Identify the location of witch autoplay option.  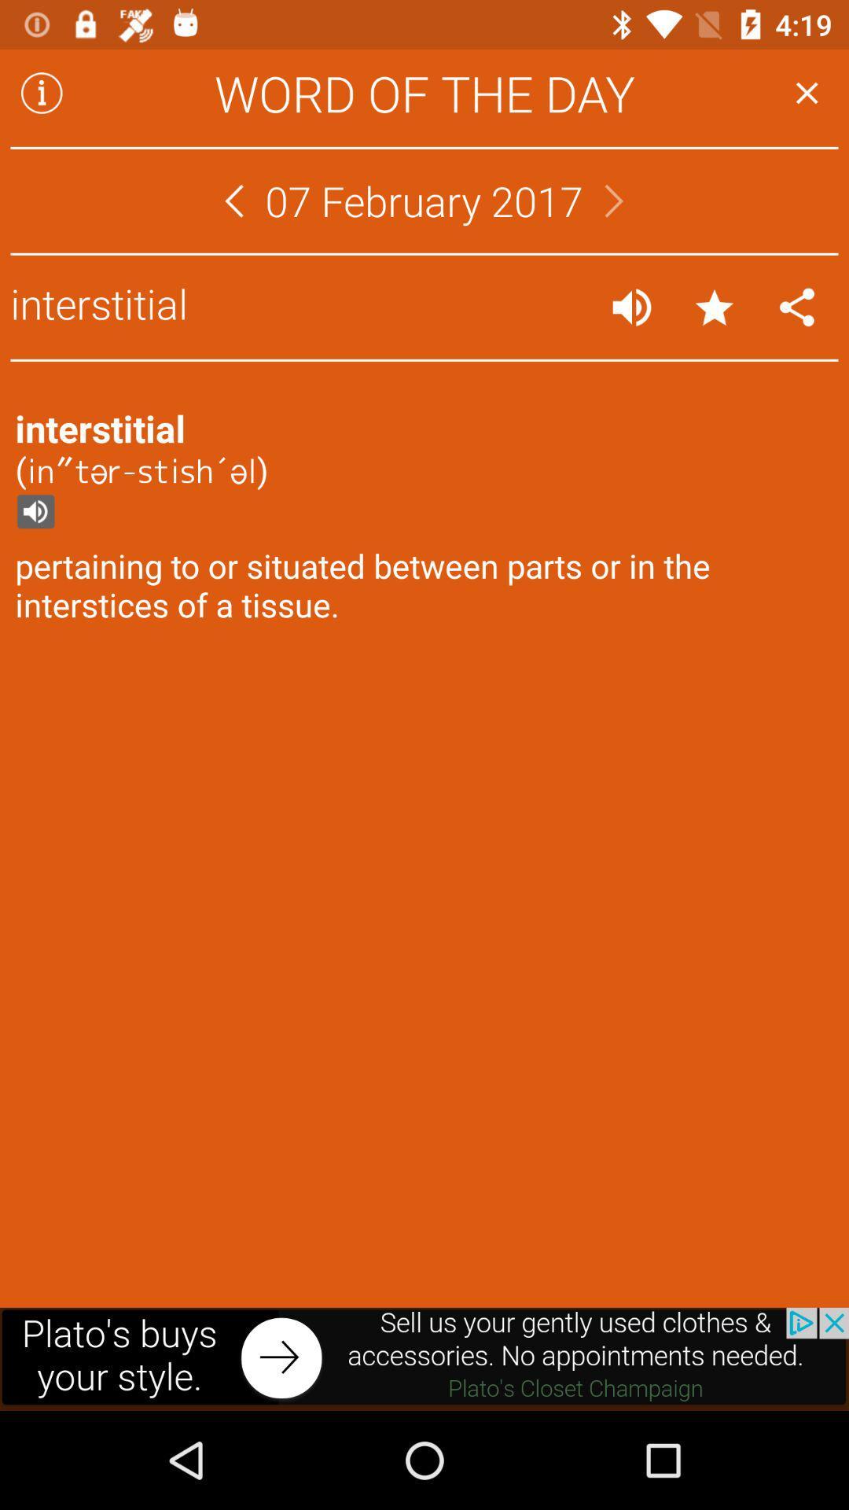
(630, 307).